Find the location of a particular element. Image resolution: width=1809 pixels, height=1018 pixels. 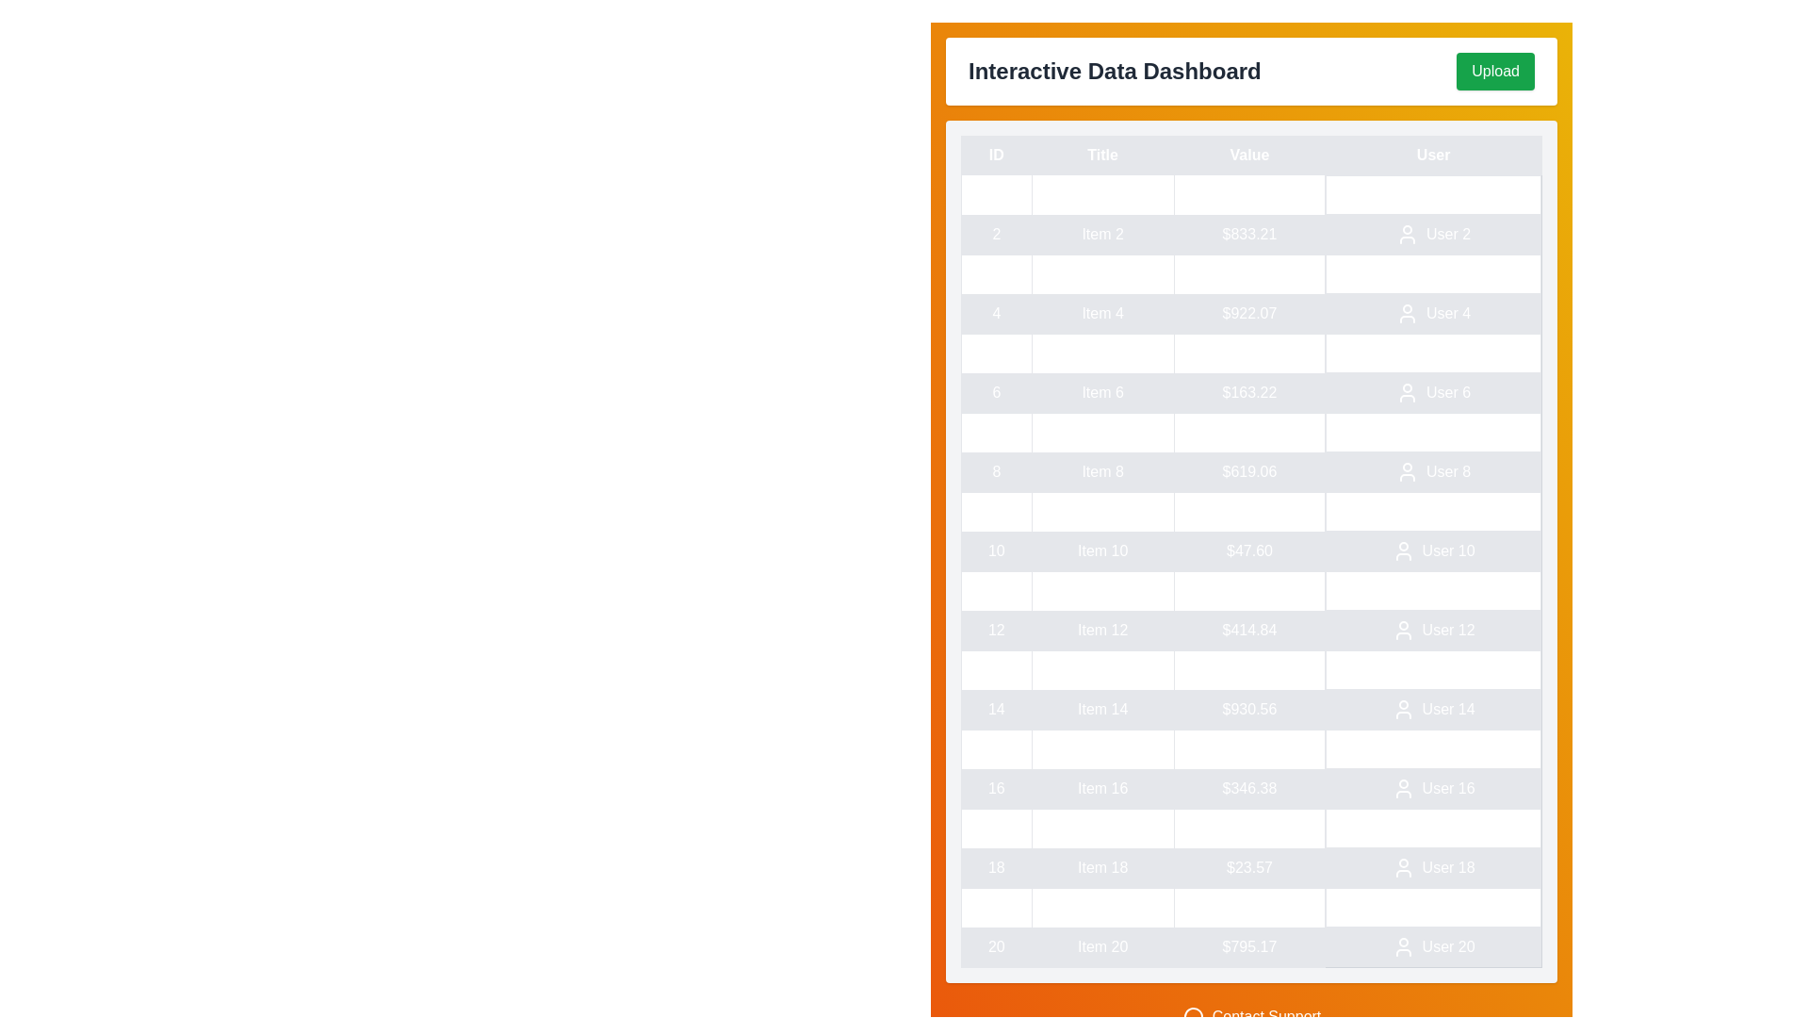

the 'Contact Support' link is located at coordinates (1251, 1016).